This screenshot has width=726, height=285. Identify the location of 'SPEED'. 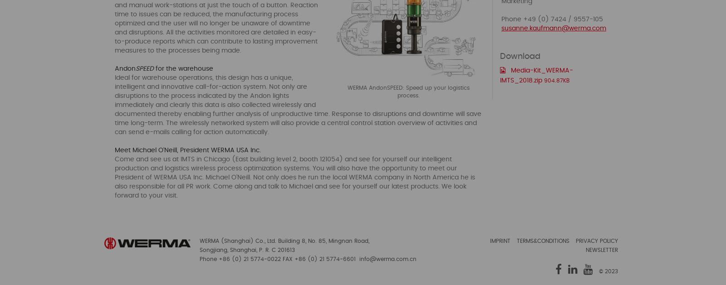
(145, 68).